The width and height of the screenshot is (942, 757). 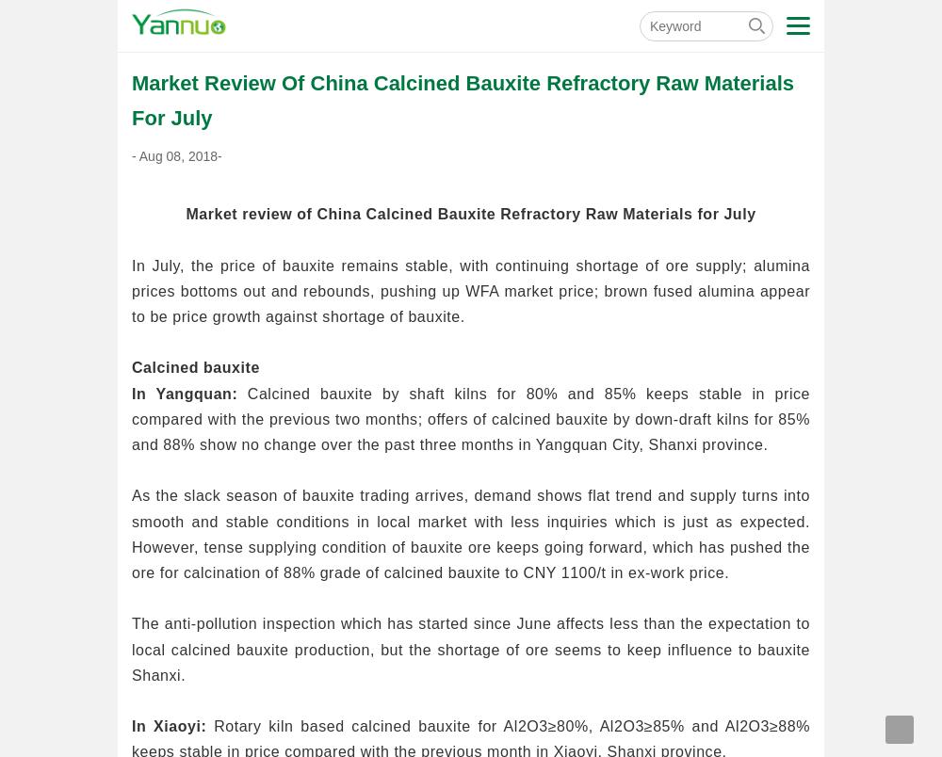 I want to click on 'As the slack season of bauxite trading arrives, demand shows flat trend and supply turns into smooth and stable conditions in local market with less inquiries which is just as expected. However, tense supplying condition of bauxite ore keeps going forward, which has pushed the ore for calcination of 88% grade of calcined bauxite to CNY 1100/t in ex-work price.', so click(x=471, y=532).